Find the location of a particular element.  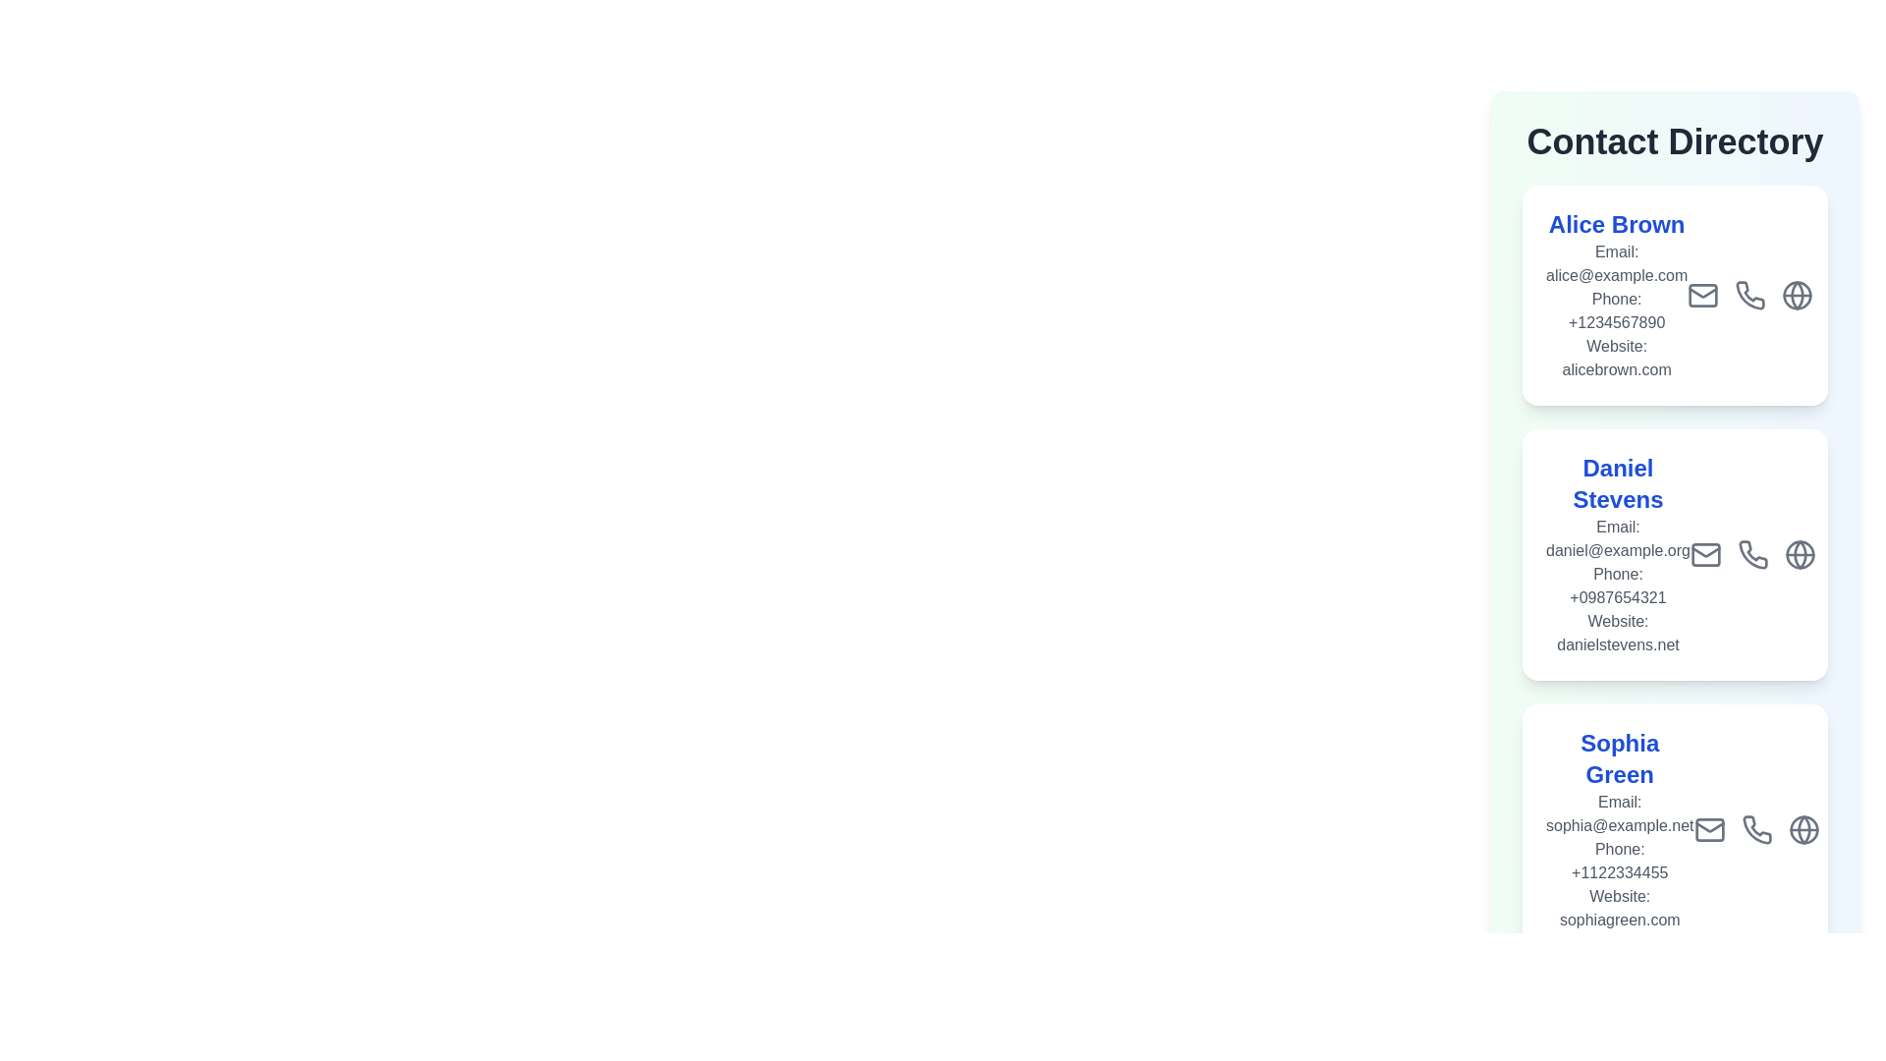

the contact's website icon to view details is located at coordinates (1797, 295).